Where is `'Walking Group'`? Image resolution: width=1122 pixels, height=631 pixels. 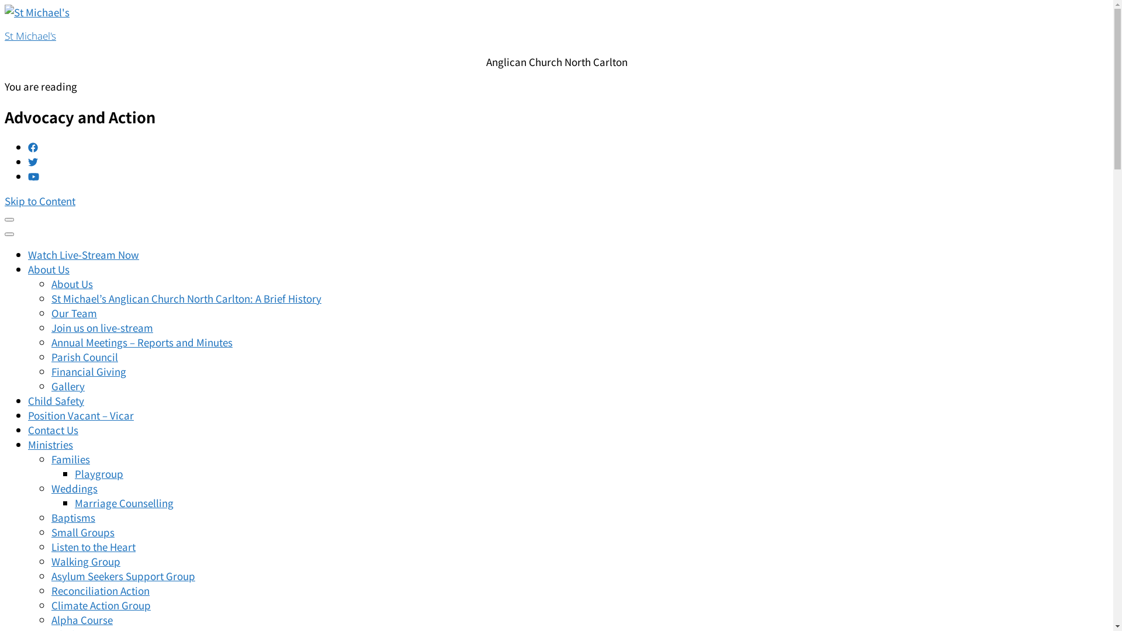
'Walking Group' is located at coordinates (85, 560).